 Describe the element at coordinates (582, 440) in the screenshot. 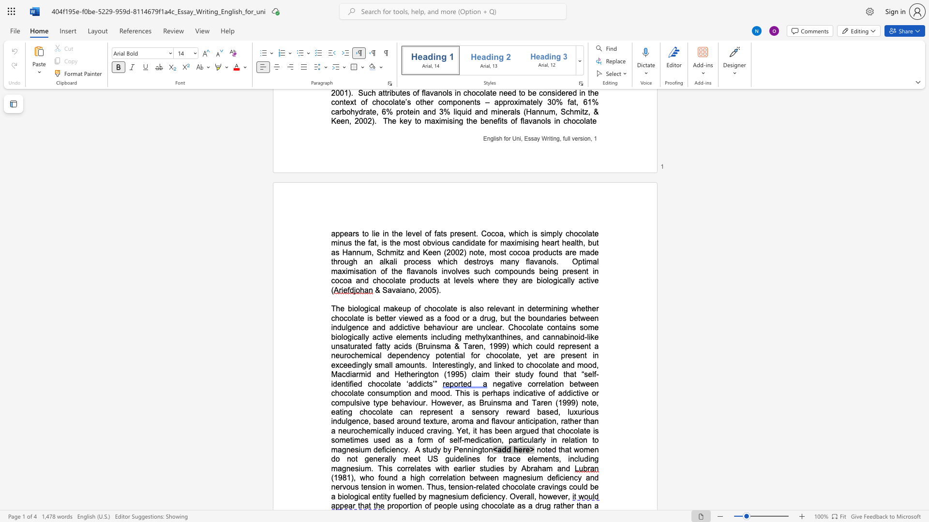

I see `the subset text "n to magnesium deficienc" within the text "is sometimes used as a form of self-medication, particularly in relation to magnesium deficiency"` at that location.